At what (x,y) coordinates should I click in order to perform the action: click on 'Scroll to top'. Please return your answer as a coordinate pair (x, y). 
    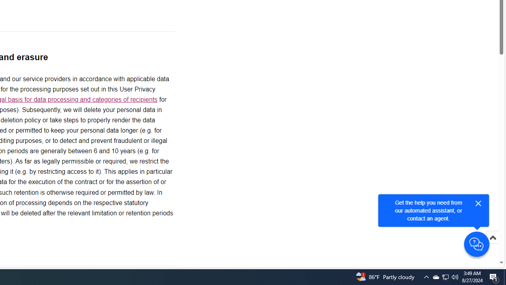
    Looking at the image, I should click on (492, 237).